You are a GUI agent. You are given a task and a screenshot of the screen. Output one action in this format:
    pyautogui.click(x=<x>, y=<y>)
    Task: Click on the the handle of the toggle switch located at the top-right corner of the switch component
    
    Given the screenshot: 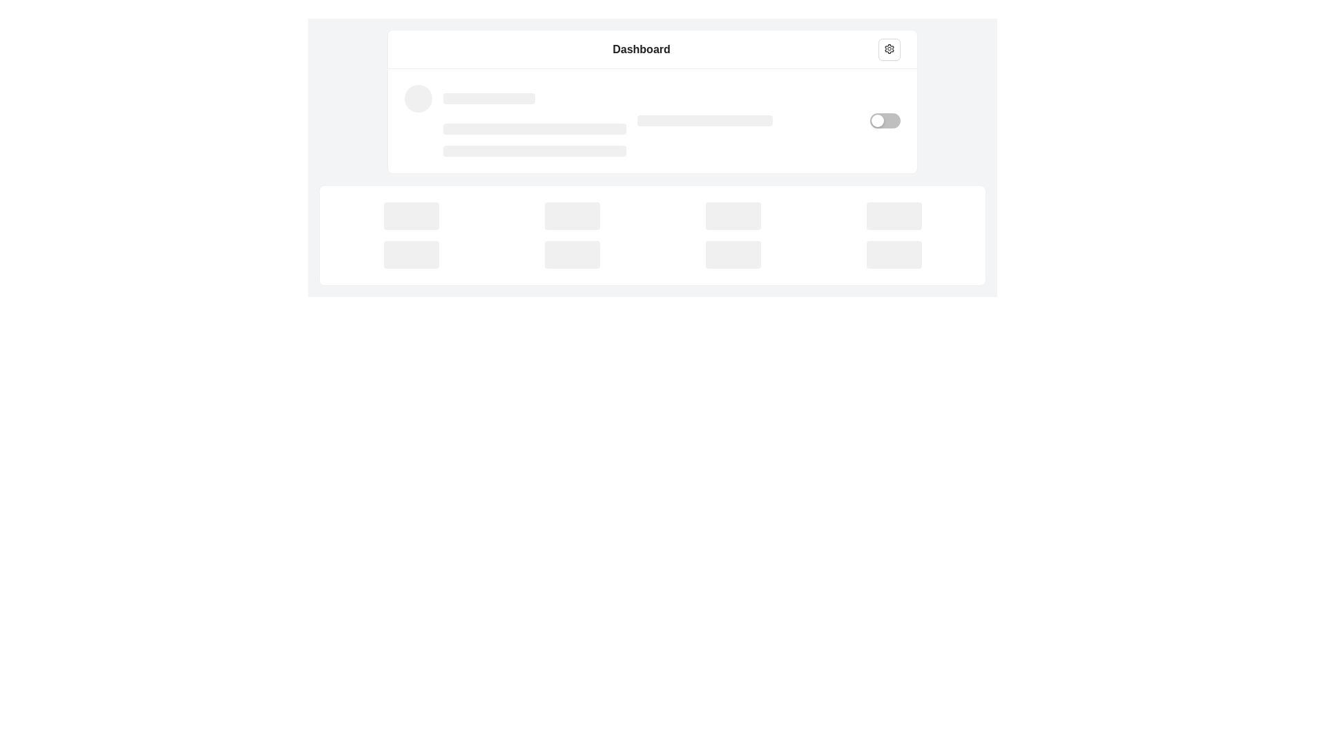 What is the action you would take?
    pyautogui.click(x=877, y=119)
    